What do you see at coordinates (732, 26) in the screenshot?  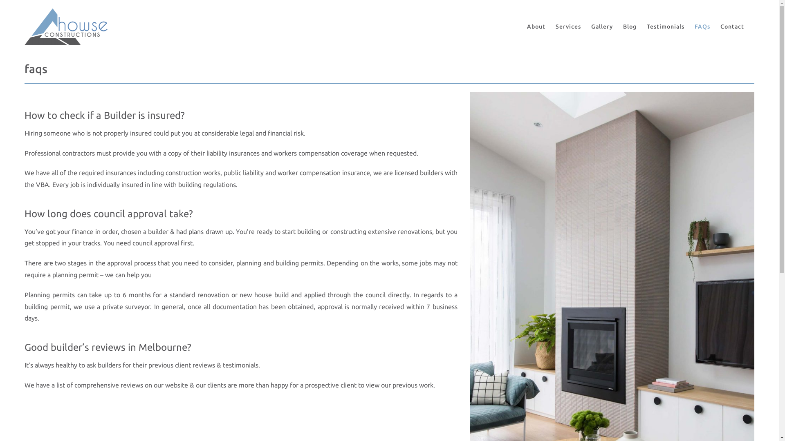 I see `'Contact'` at bounding box center [732, 26].